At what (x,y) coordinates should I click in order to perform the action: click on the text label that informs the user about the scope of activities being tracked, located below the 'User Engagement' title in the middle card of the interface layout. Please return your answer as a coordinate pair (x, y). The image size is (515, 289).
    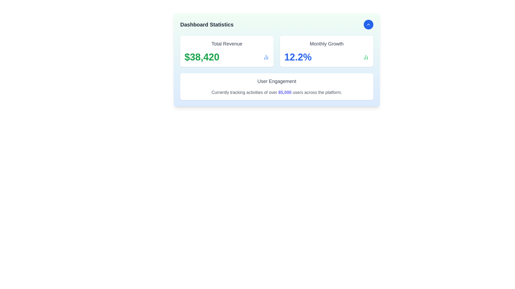
    Looking at the image, I should click on (277, 92).